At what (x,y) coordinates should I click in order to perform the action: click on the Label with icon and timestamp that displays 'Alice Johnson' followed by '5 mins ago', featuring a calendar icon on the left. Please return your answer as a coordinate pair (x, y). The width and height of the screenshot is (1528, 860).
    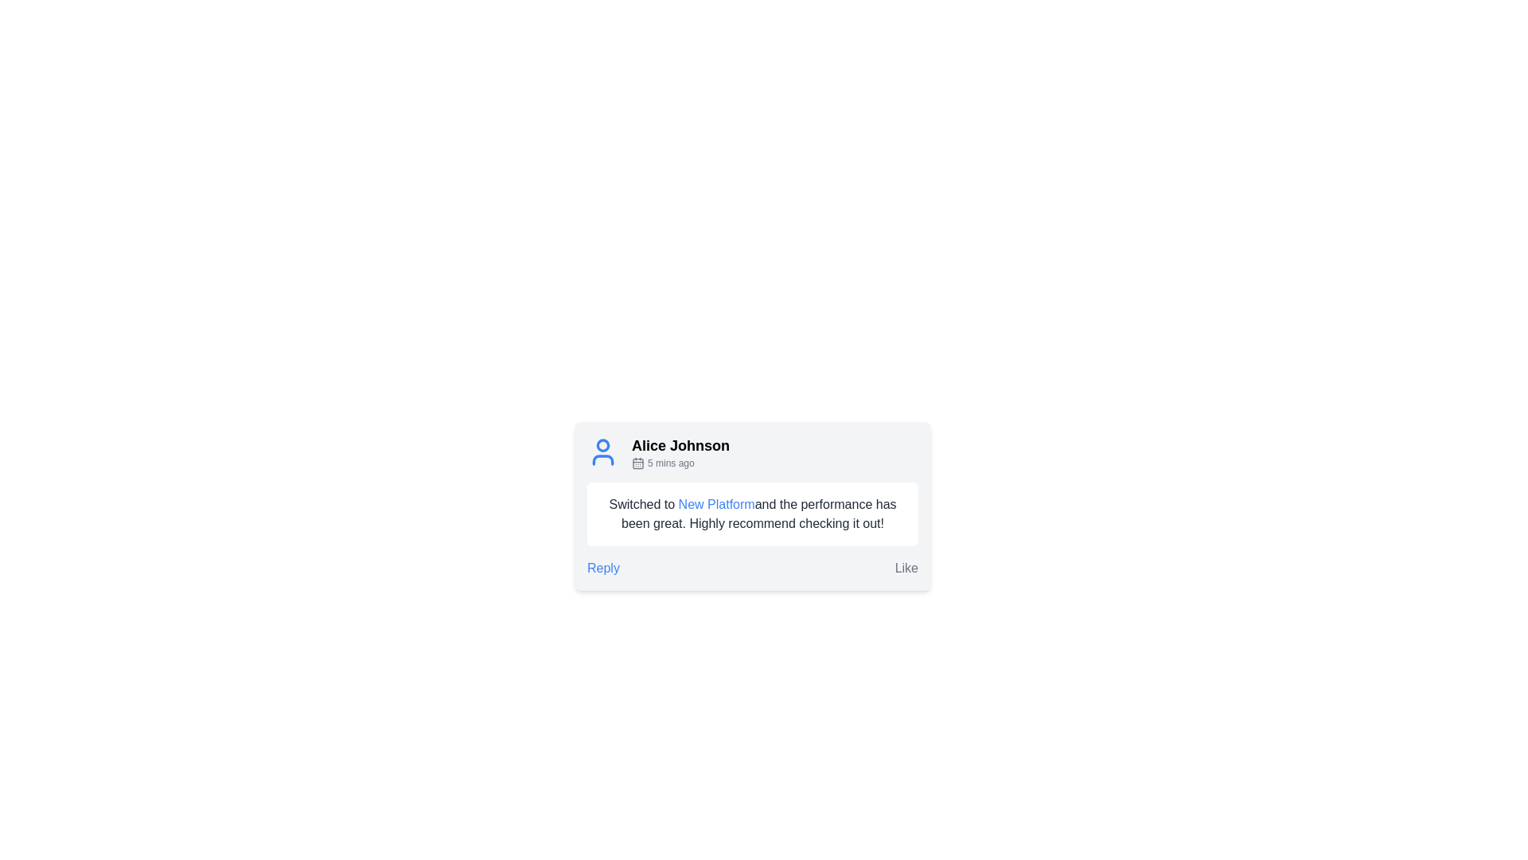
    Looking at the image, I should click on (680, 451).